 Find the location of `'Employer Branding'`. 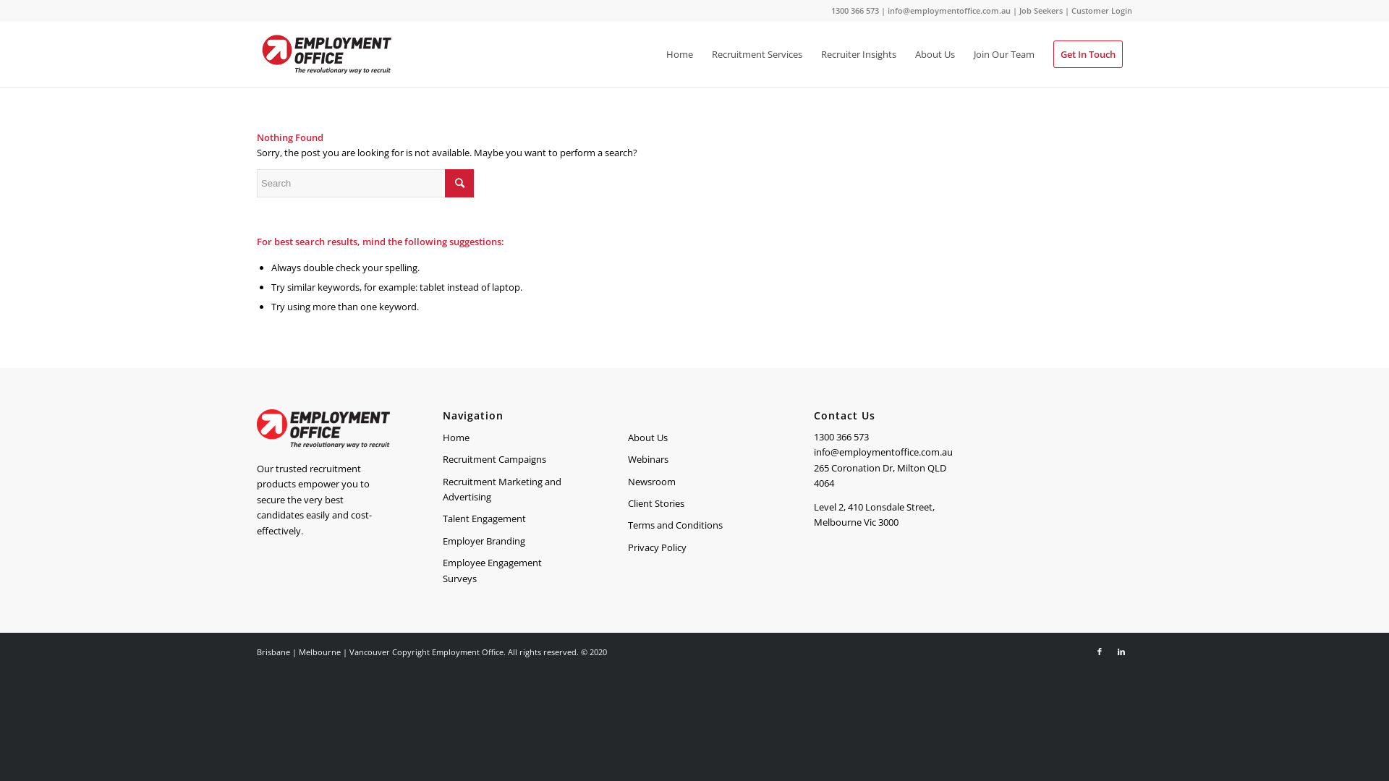

'Employer Branding' is located at coordinates (509, 541).